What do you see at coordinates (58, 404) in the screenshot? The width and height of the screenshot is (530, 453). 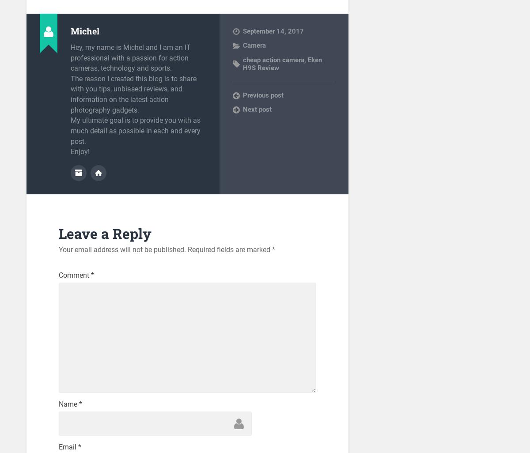 I see `'Name'` at bounding box center [58, 404].